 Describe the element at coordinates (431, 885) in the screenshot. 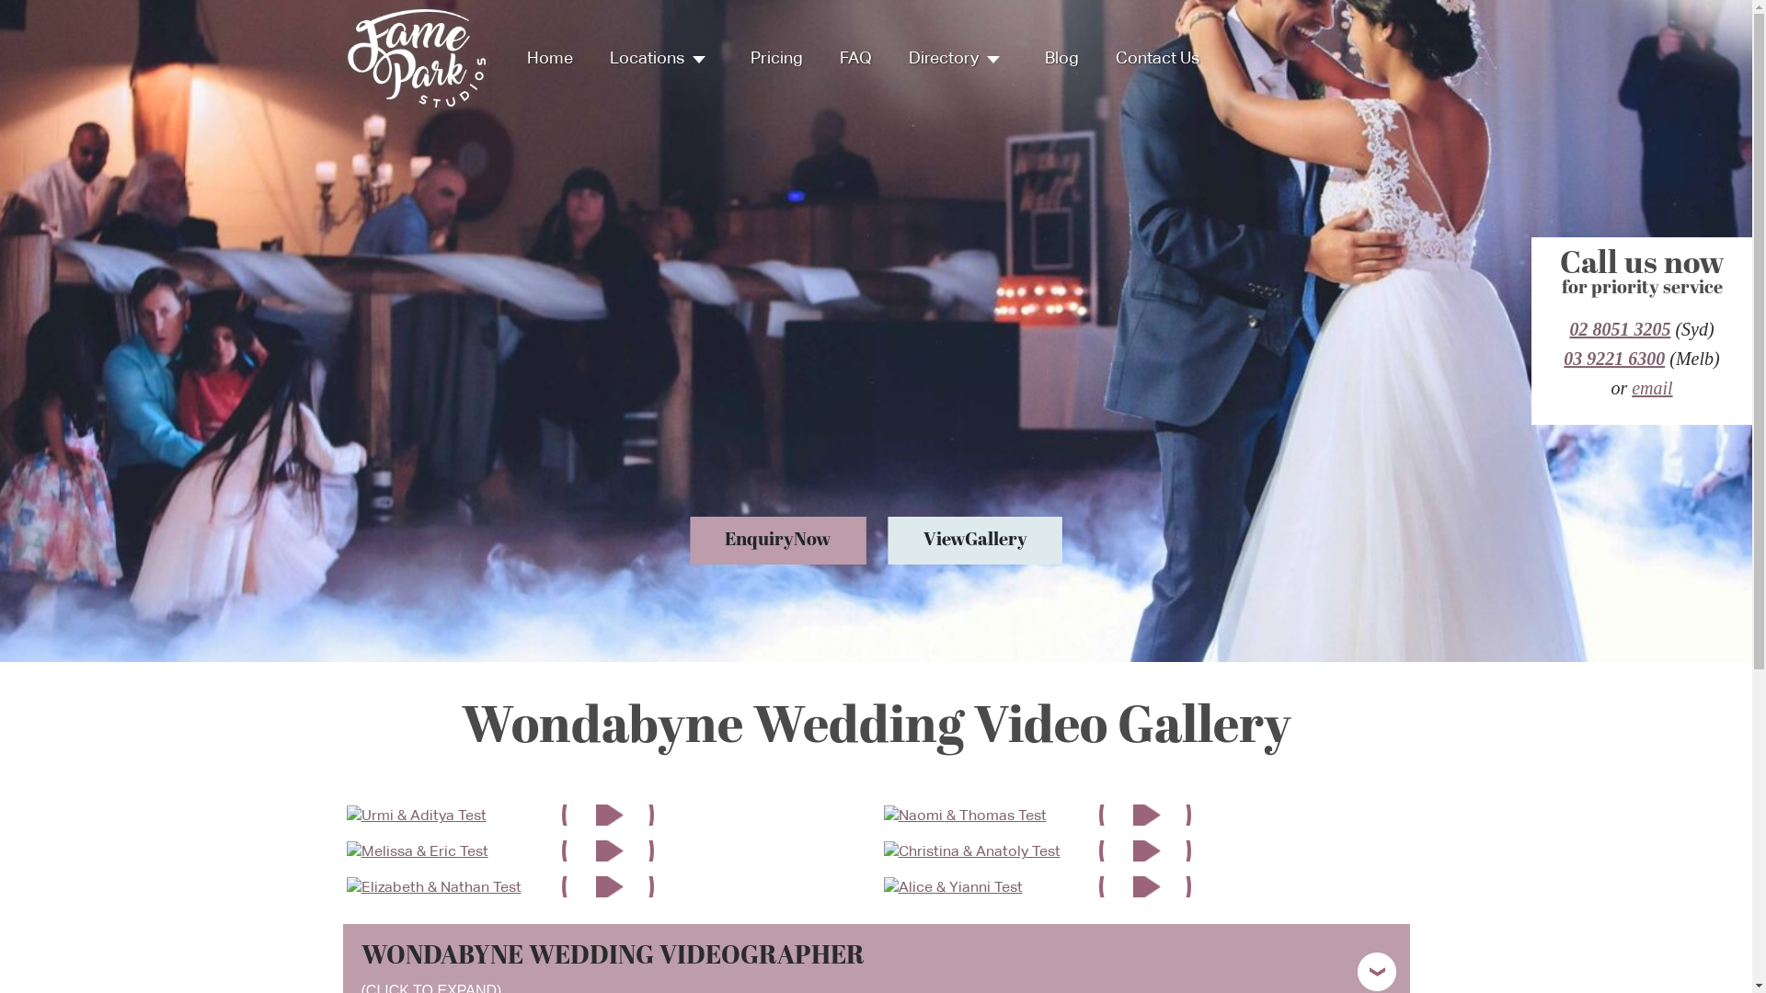

I see `'Elizabeth & Nathan || Cinematic Wedding Highlight'` at that location.